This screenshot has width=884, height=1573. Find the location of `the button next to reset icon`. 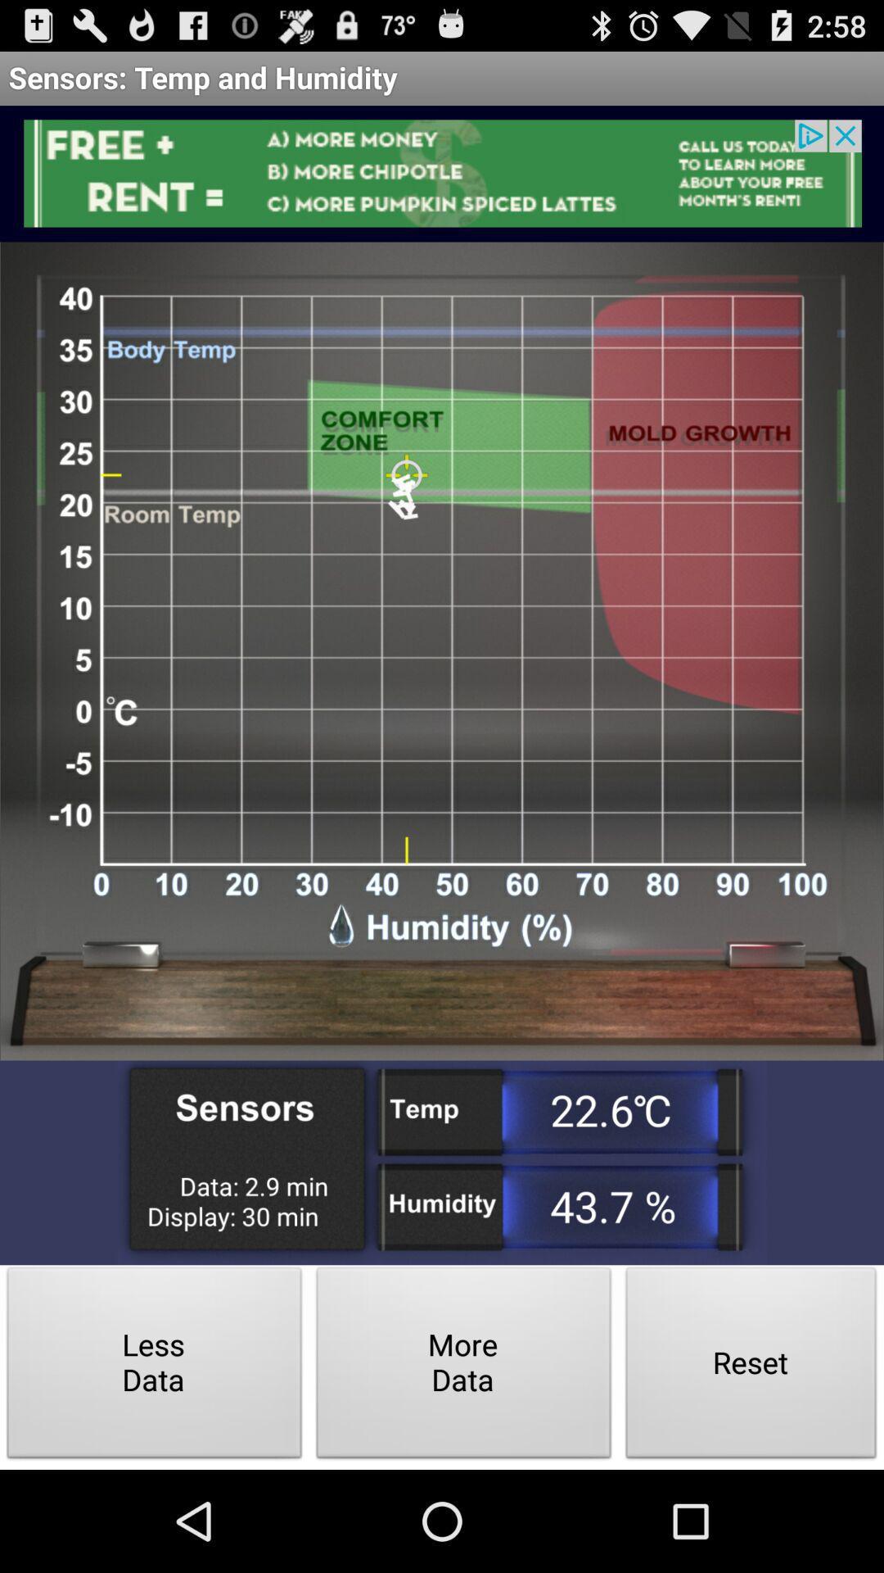

the button next to reset icon is located at coordinates (464, 1367).